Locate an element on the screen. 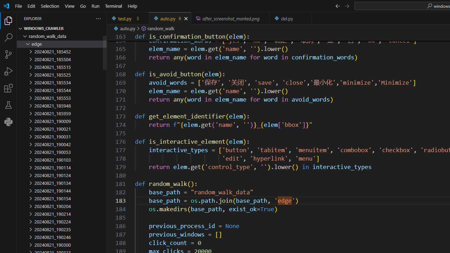  'test.py' is located at coordinates (128, 18).